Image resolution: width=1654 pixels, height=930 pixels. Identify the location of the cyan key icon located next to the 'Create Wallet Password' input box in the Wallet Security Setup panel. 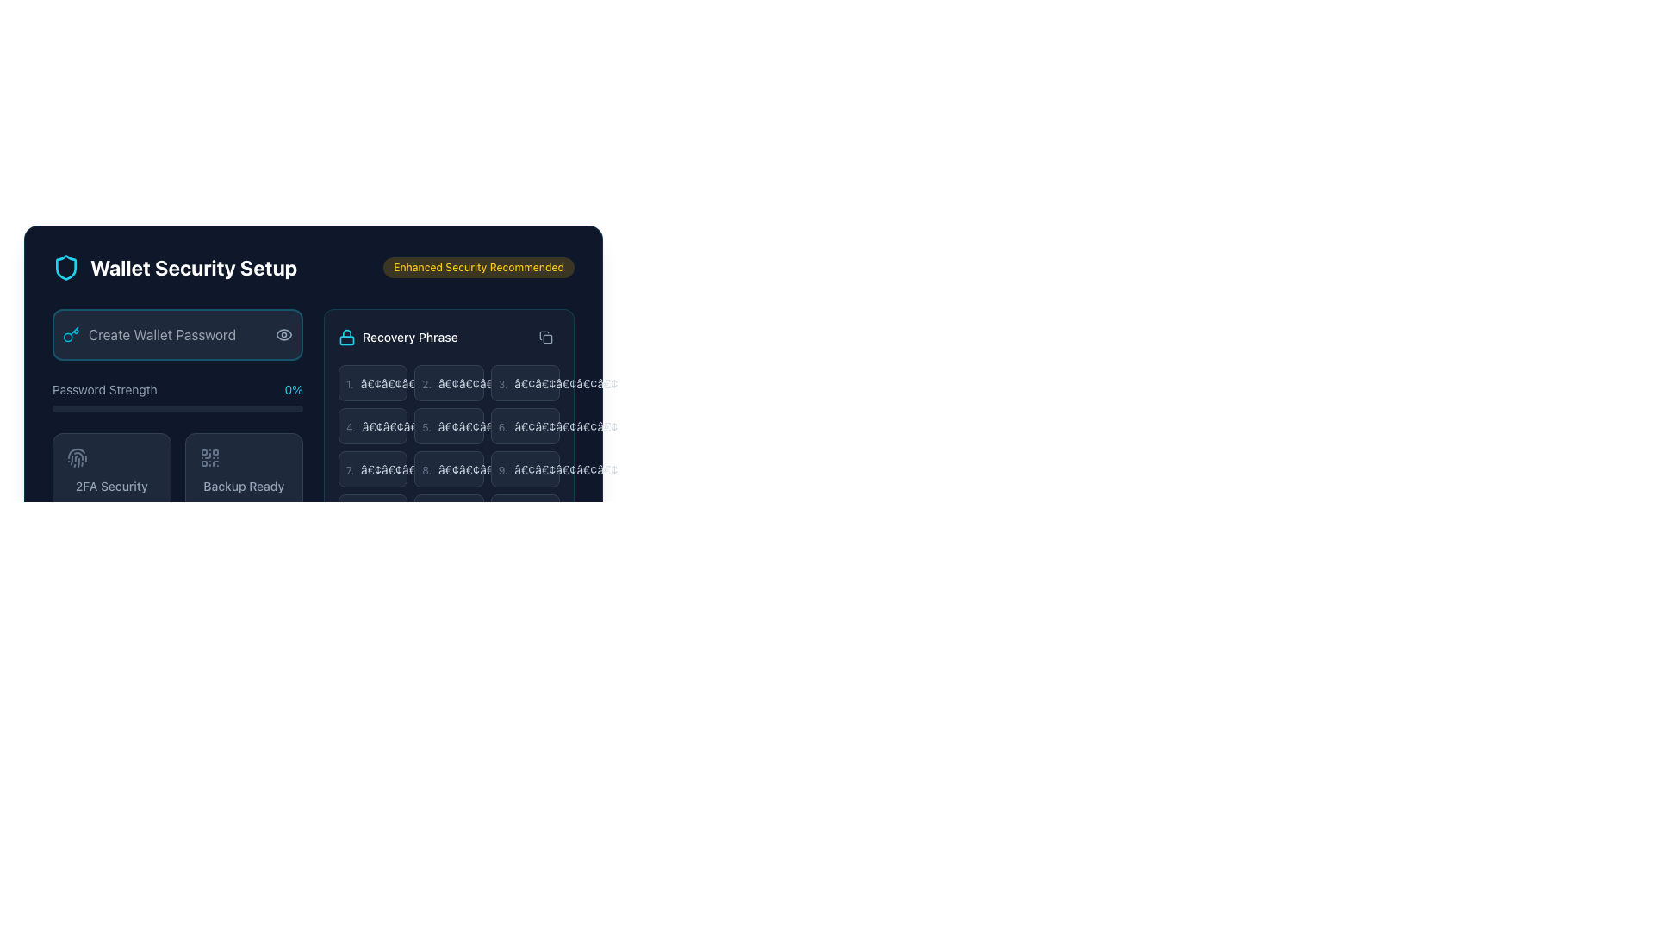
(70, 335).